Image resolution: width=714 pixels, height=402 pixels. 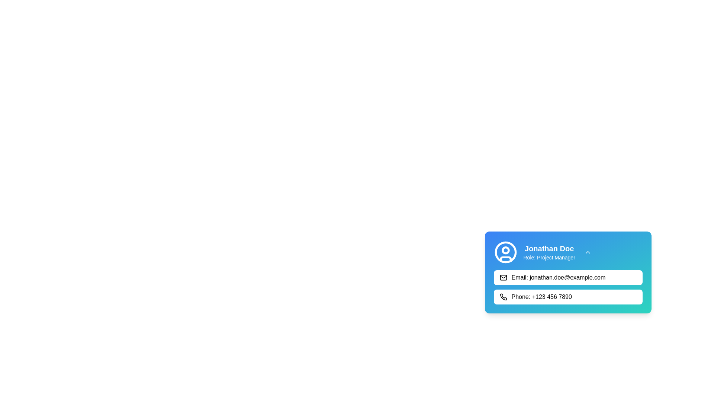 What do you see at coordinates (549, 252) in the screenshot?
I see `the text block that displays the name and role of an individual in the profile card located at the top-right section of the card` at bounding box center [549, 252].